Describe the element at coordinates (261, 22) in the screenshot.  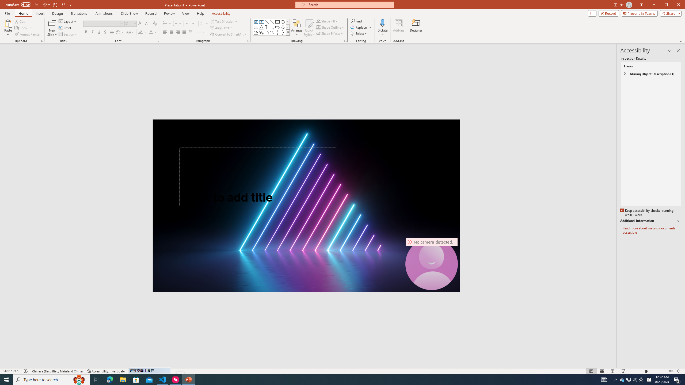
I see `'Vertical Text Box'` at that location.